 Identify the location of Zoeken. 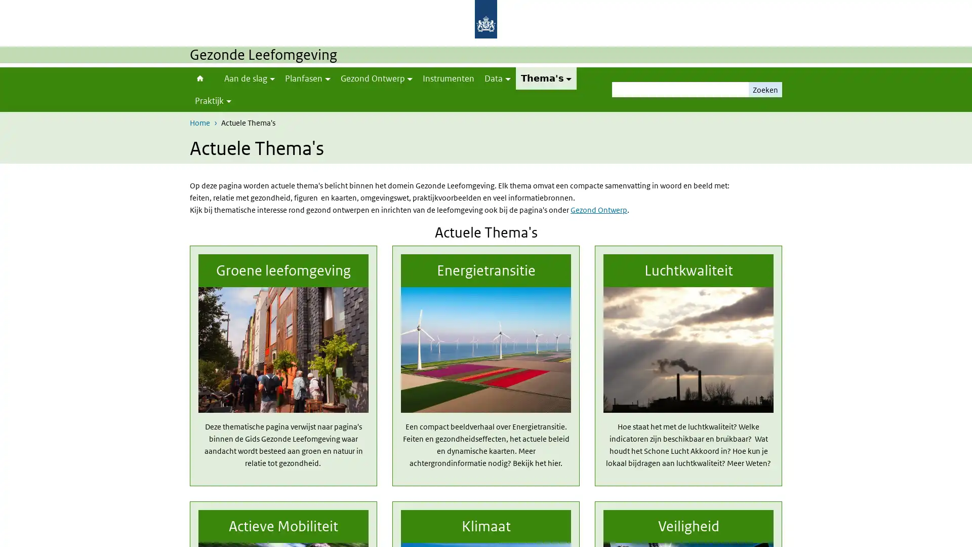
(765, 89).